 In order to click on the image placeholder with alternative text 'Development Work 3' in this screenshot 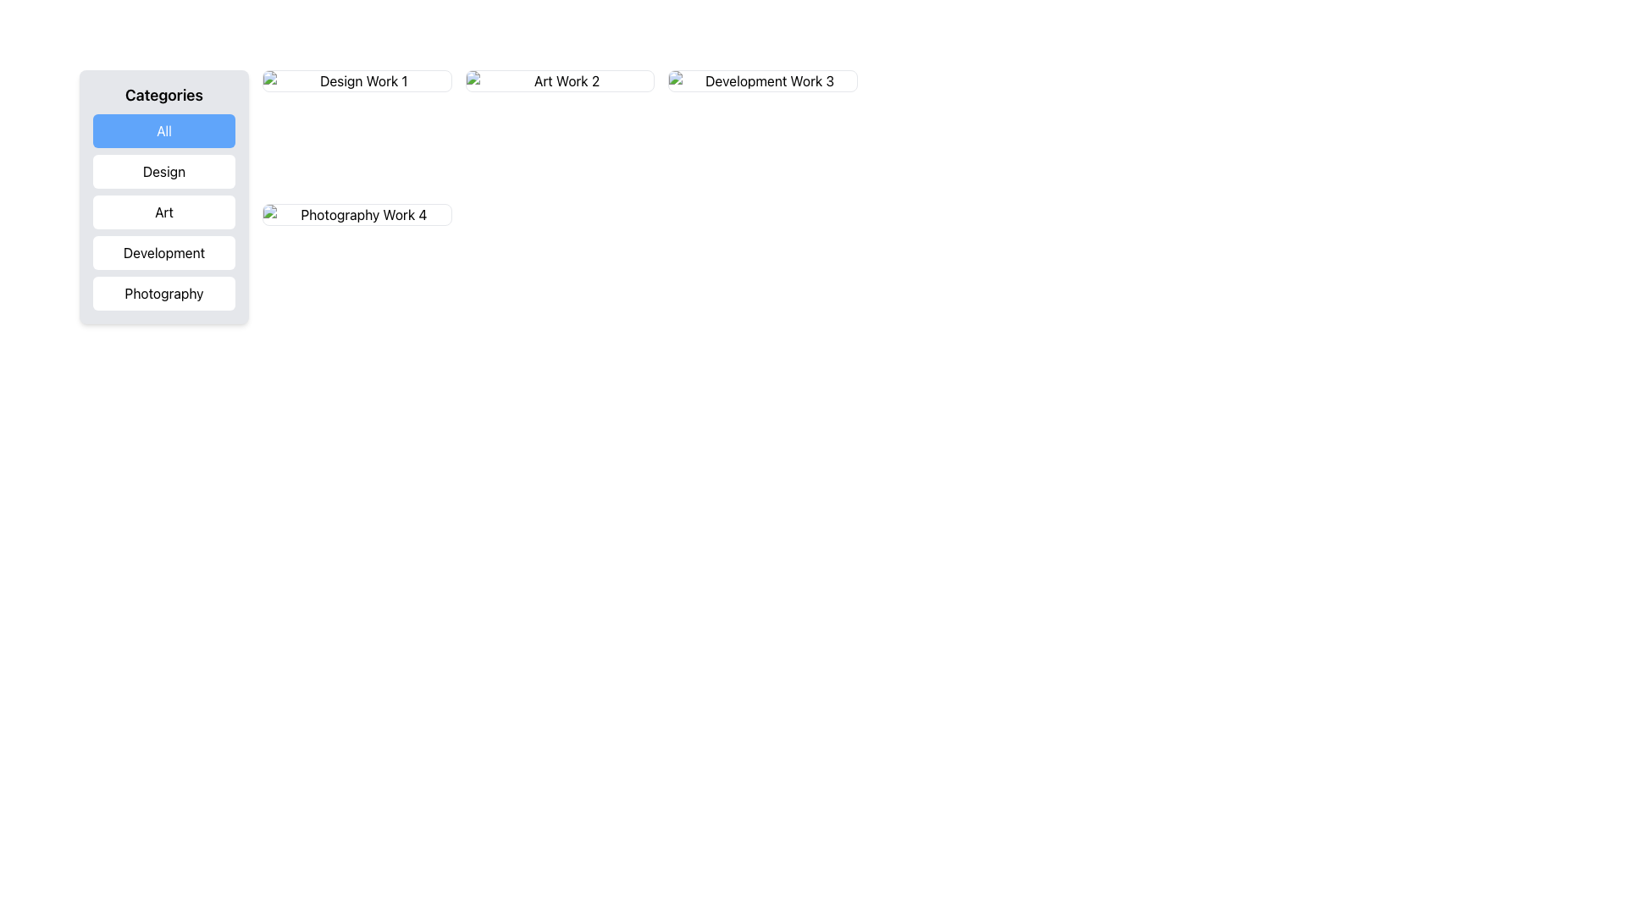, I will do `click(762, 81)`.